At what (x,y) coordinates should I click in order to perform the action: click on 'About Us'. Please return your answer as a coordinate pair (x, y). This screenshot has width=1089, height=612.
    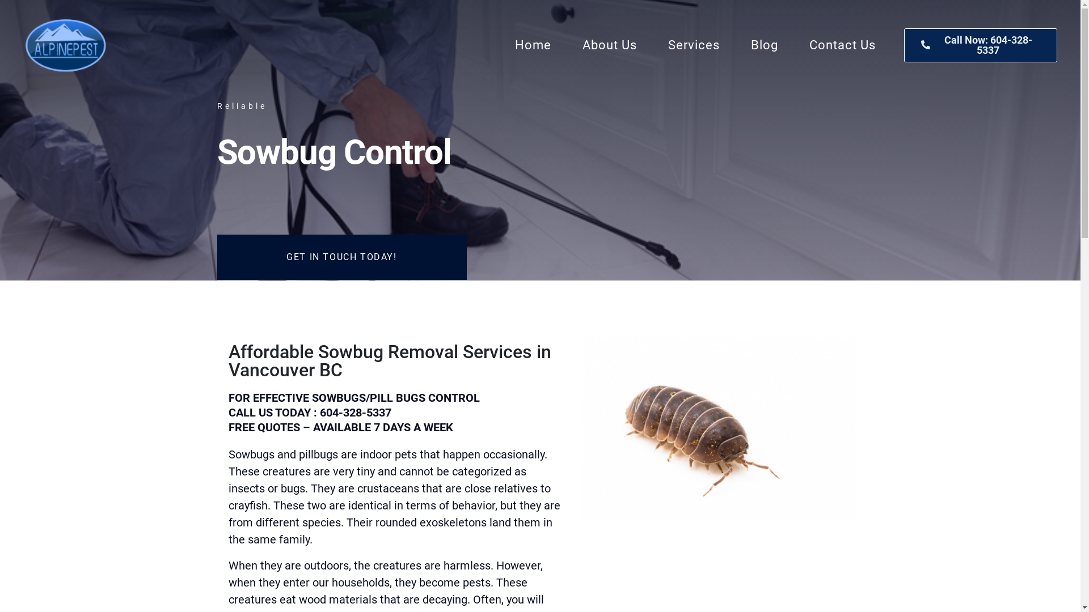
    Looking at the image, I should click on (609, 44).